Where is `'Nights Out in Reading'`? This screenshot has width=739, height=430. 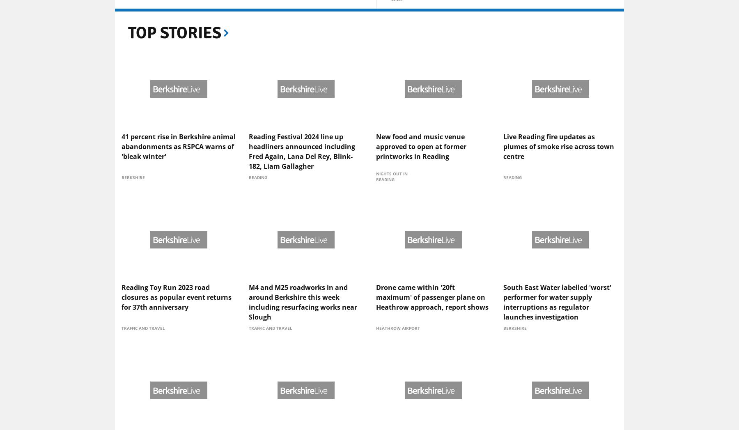 'Nights Out in Reading' is located at coordinates (391, 241).